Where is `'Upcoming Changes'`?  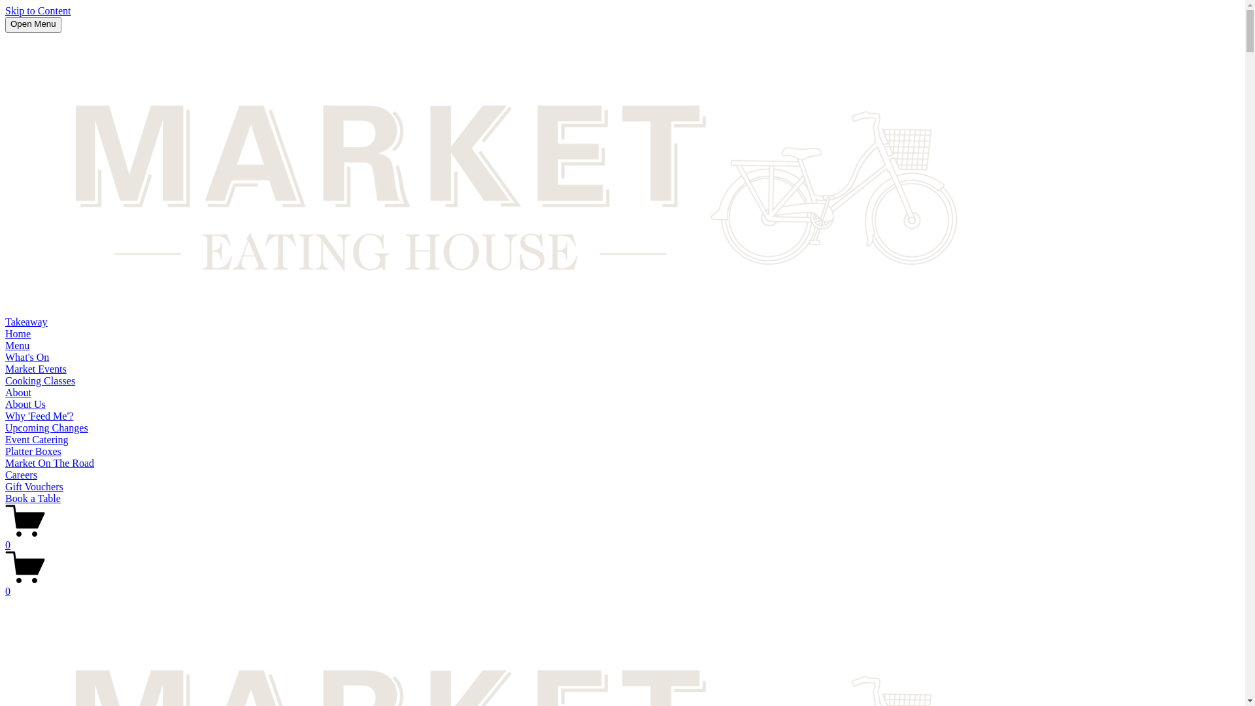 'Upcoming Changes' is located at coordinates (5, 428).